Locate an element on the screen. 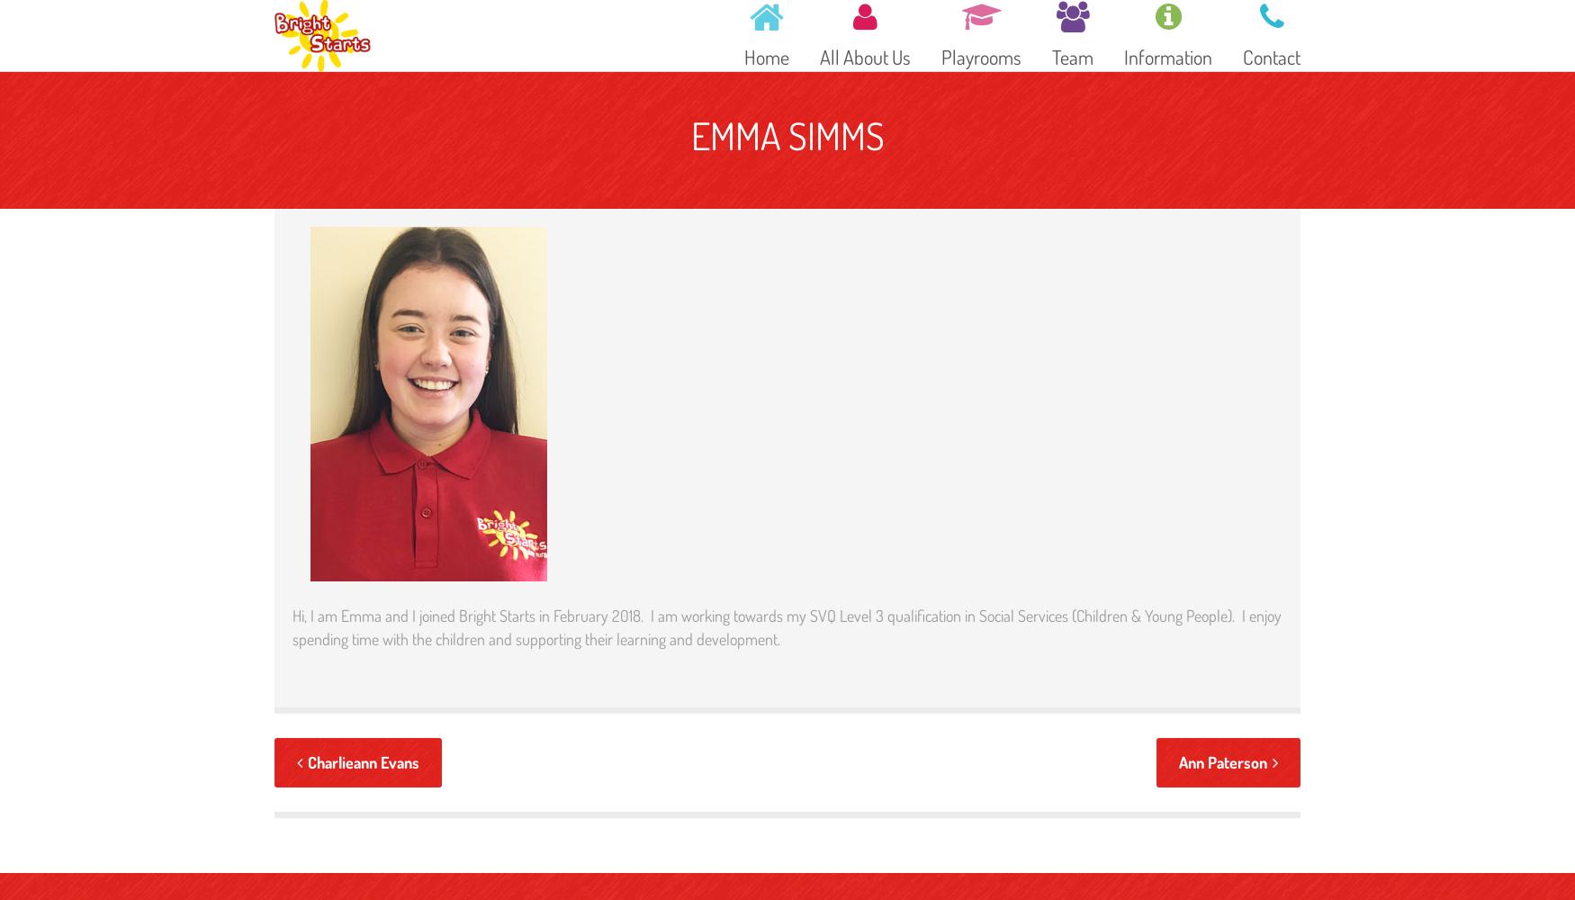  'Home' is located at coordinates (767, 56).